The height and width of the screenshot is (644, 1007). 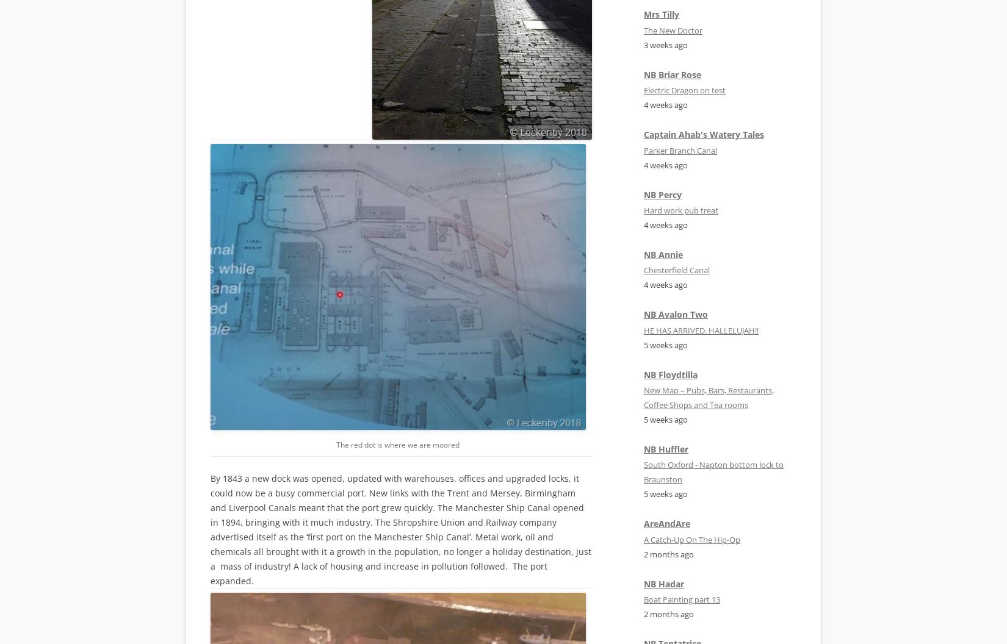 What do you see at coordinates (211, 528) in the screenshot?
I see `'By 1843 a new dock was opened, updated with warehouses, offices and upgraded locks, it could now be a busy commercial port. New links with the Trent and Mersey, Birmingham and Liverpool Canals meant that the port grew quickly. The Manchester Ship Canal opened in 1894, bringing with it much industry. The Shropshire Union and Railway company advertised itself as the ‘first port on the Manchester Ship Canal’. Metal work, oil and chemicals all brought with it a growth in the population, no longer a holiday destination, just a  mass of industry! A lack of housing and increase in pollution followed.  The port expanded.'` at bounding box center [211, 528].